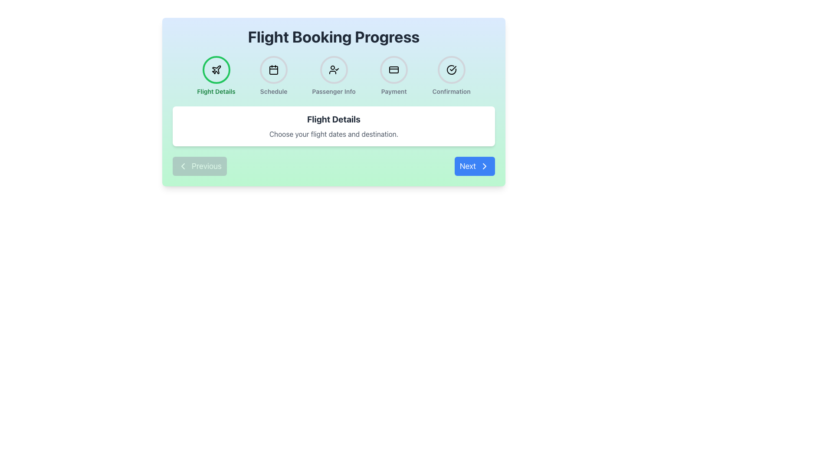 This screenshot has height=469, width=833. Describe the element at coordinates (484, 166) in the screenshot. I see `the 'Next' button located at the bottom-right corner of the interface, which contains a right-pointing chevron icon and is styled with a blue background and white text` at that location.